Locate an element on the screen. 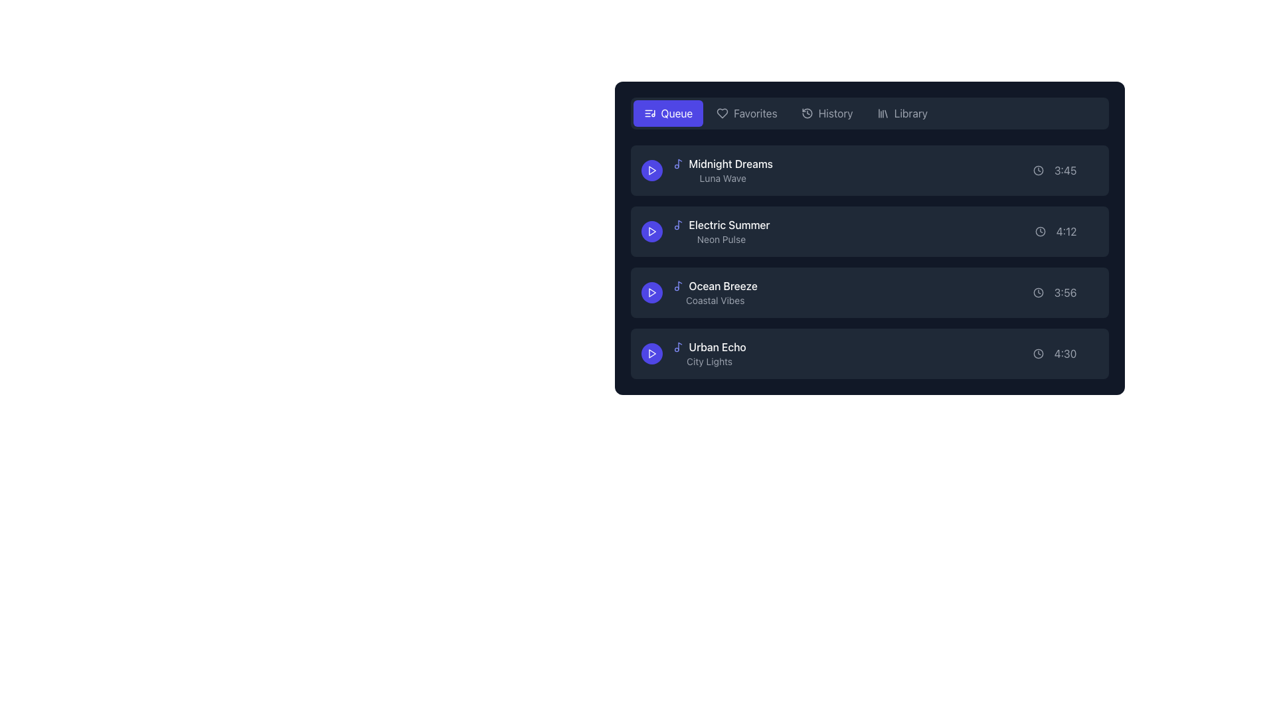 The width and height of the screenshot is (1275, 717). the clock face icon located to the left of the time display '3:56' in the third row of the list is located at coordinates (1037, 291).